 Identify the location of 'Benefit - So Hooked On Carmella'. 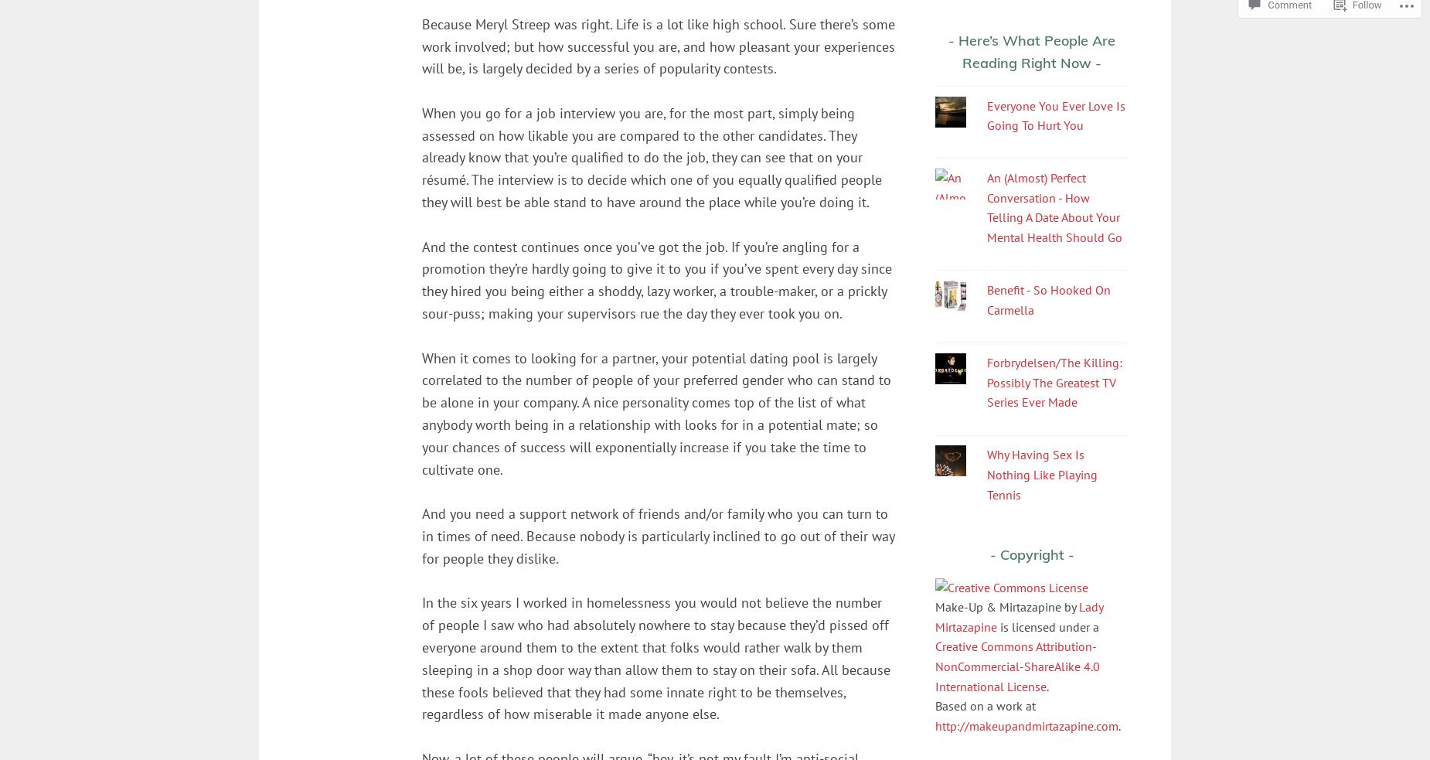
(1047, 298).